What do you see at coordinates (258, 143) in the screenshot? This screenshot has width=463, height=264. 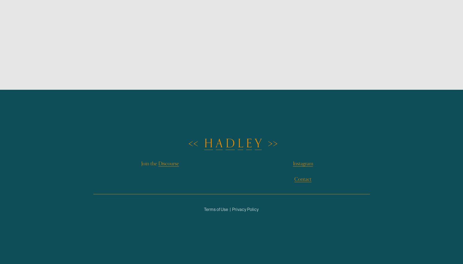 I see `'Y'` at bounding box center [258, 143].